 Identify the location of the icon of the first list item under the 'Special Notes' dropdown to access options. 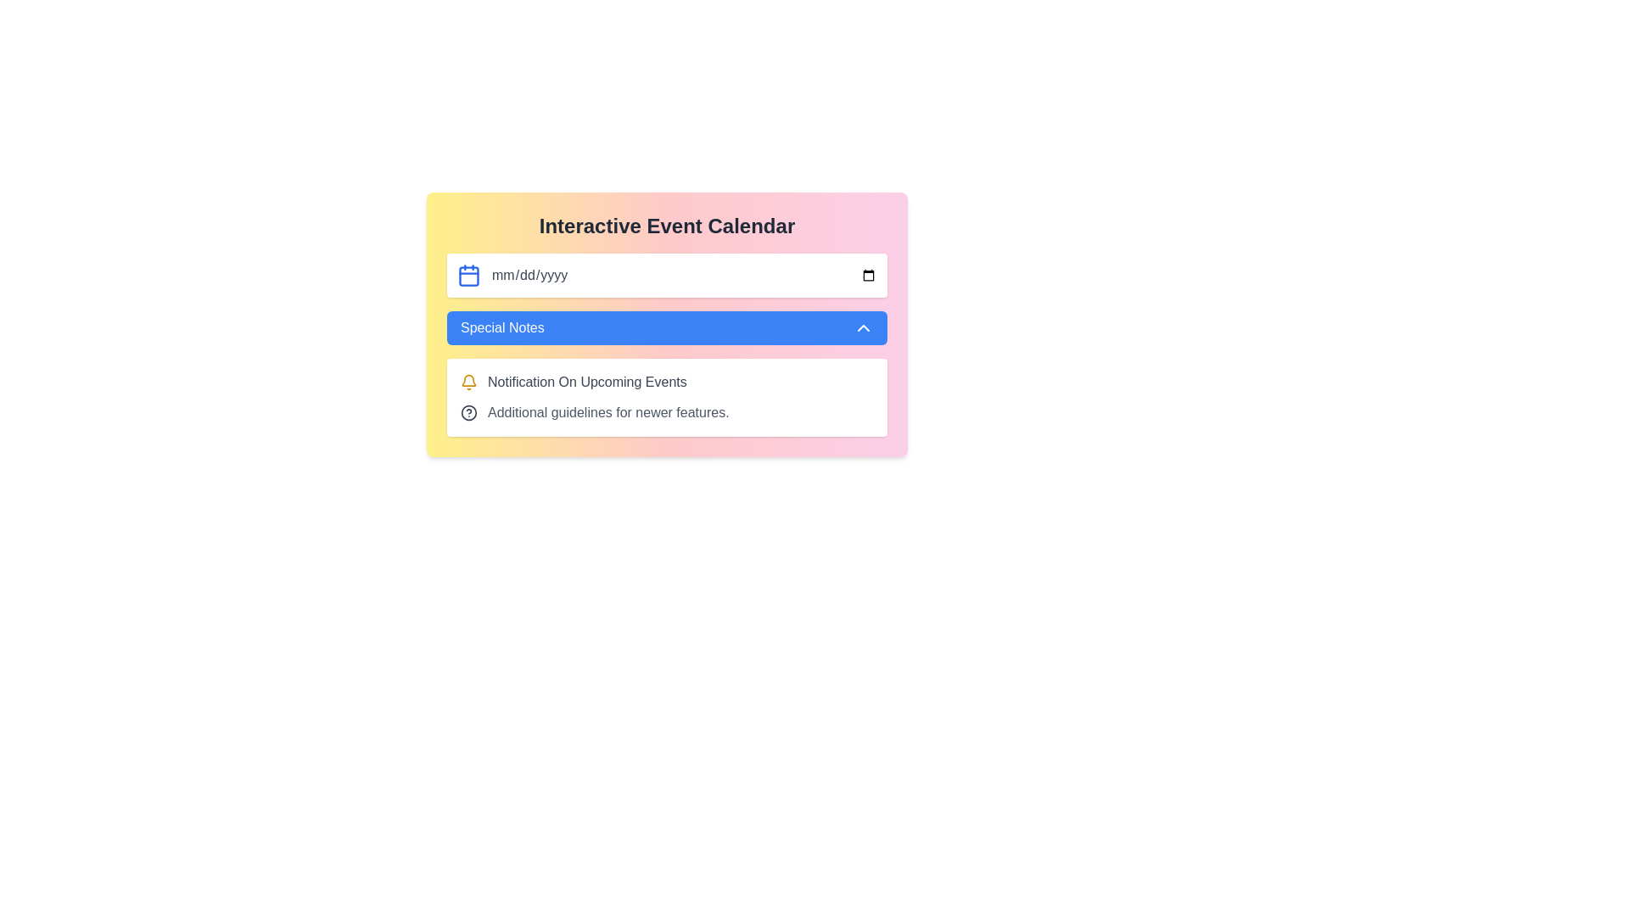
(666, 383).